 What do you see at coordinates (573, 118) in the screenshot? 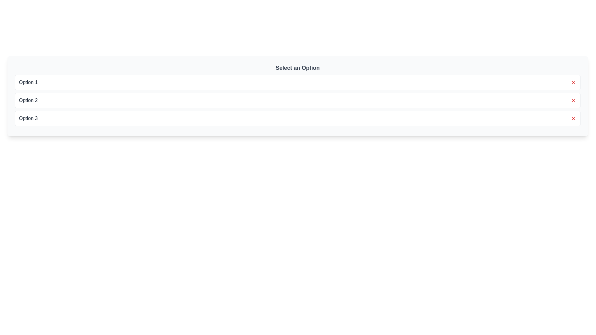
I see `the close button located on the right side of the row containing the text 'Option 3'` at bounding box center [573, 118].